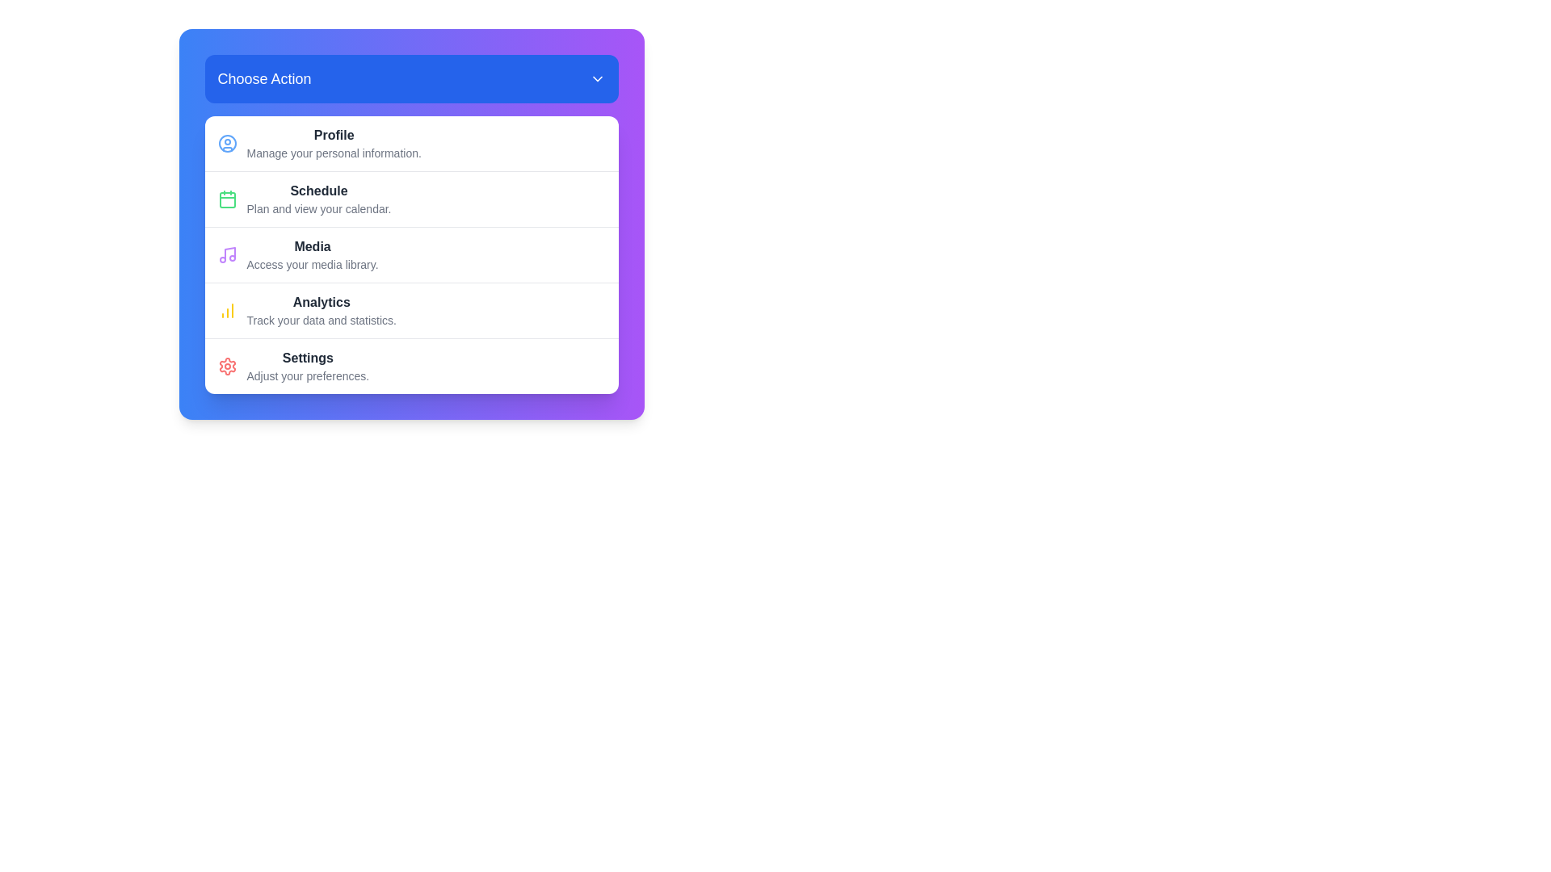 The width and height of the screenshot is (1551, 872). Describe the element at coordinates (226, 367) in the screenshot. I see `the red gear icon located next to the 'Settings' item in the bottom right section of the interface` at that location.